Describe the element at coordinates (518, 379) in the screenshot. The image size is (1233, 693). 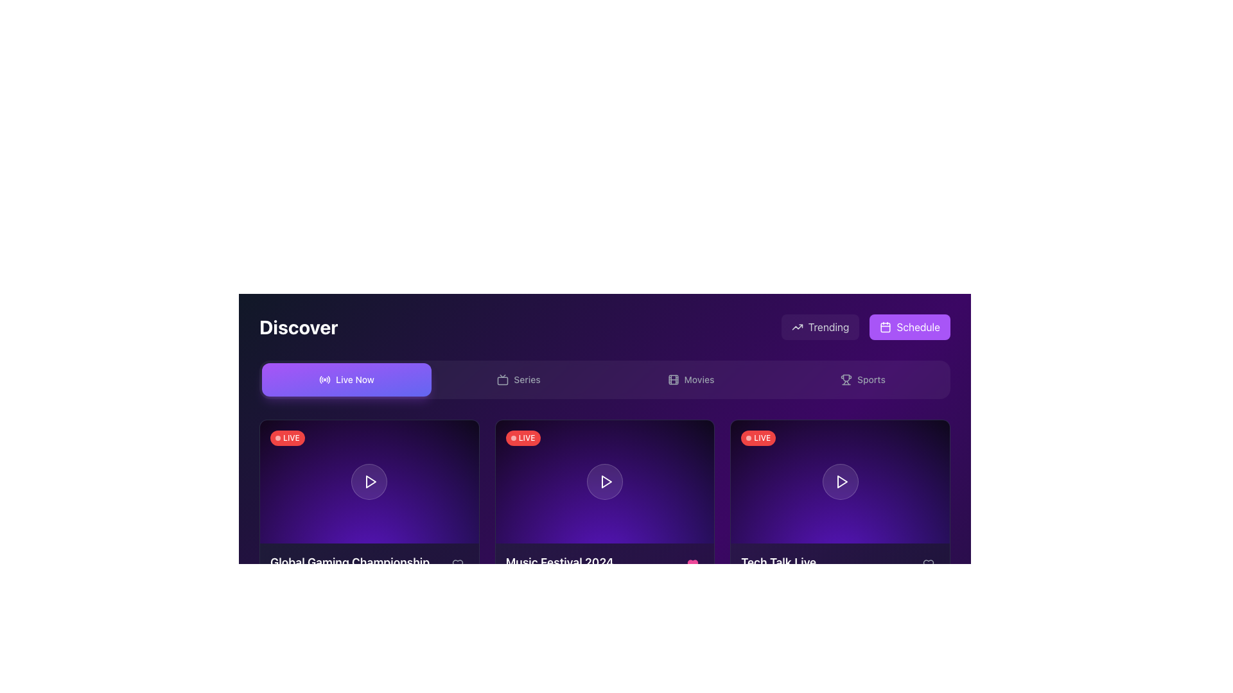
I see `the 'Series' button, which is the second button in a group of four navigation buttons located below the main header` at that location.